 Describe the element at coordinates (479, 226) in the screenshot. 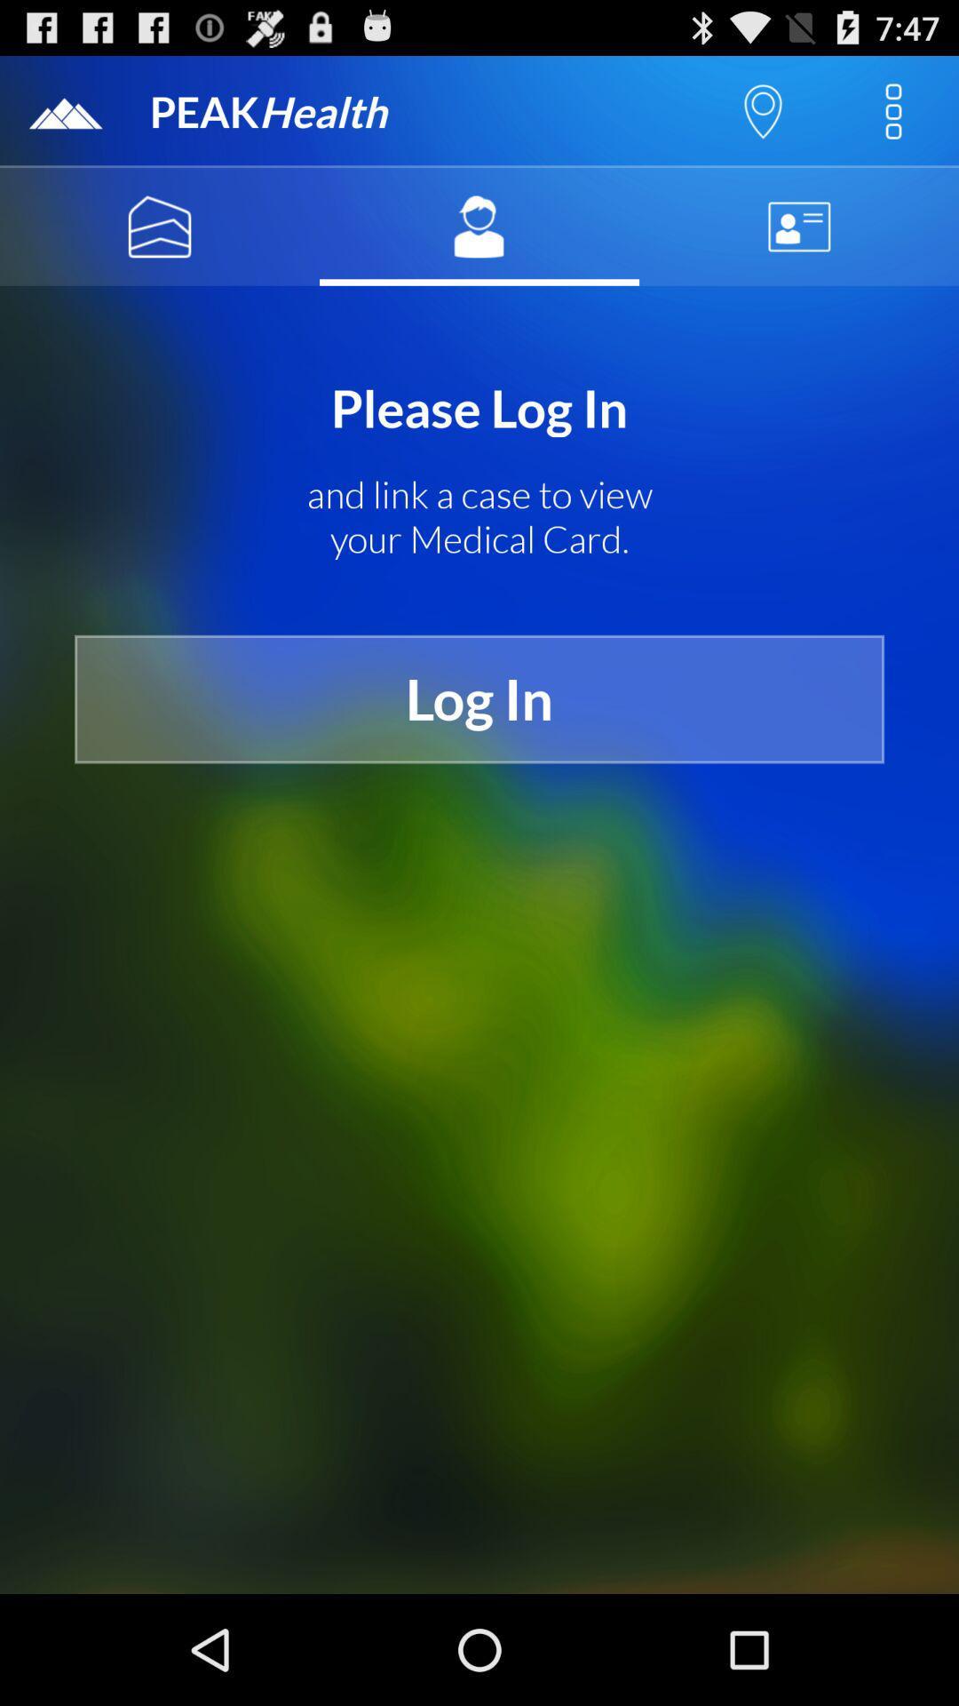

I see `tap for personal login` at that location.